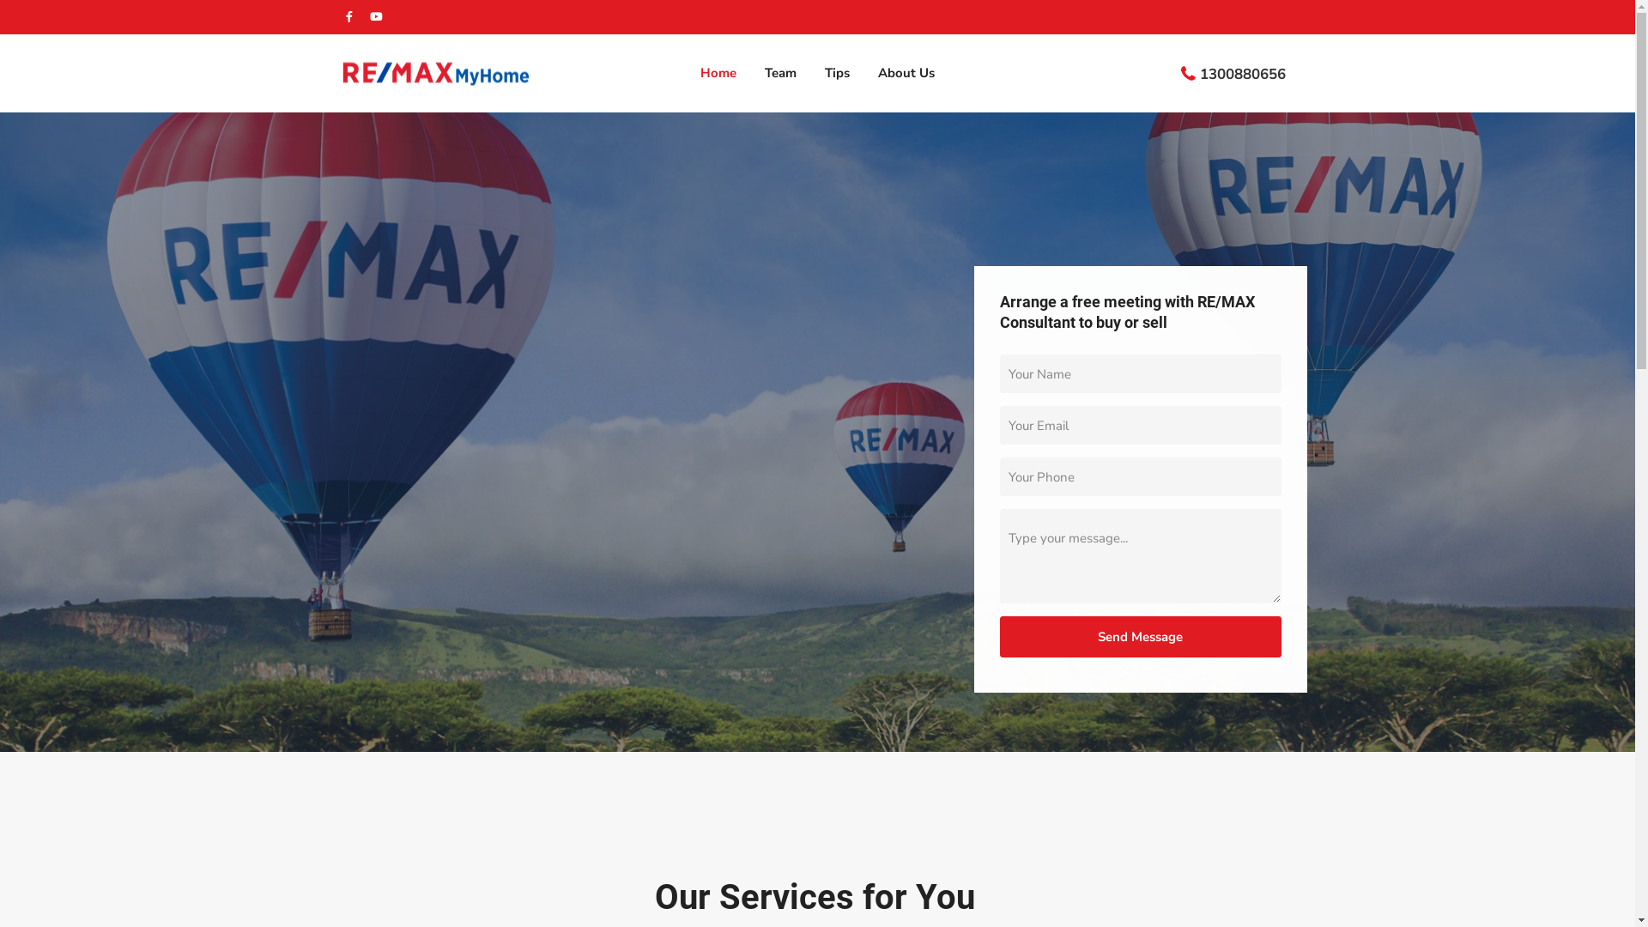  I want to click on 'Team', so click(779, 71).